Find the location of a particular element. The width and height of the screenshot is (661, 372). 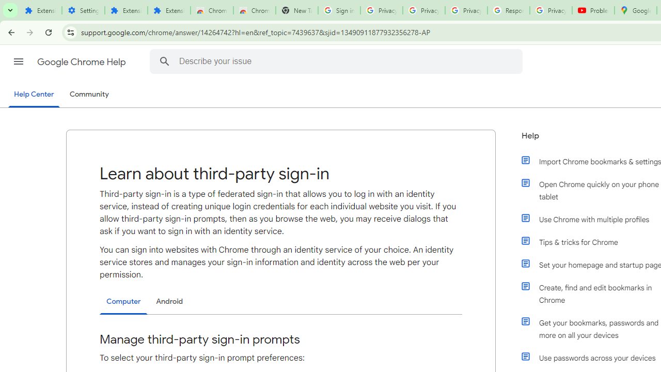

'Sign in - Google Accounts' is located at coordinates (339, 10).